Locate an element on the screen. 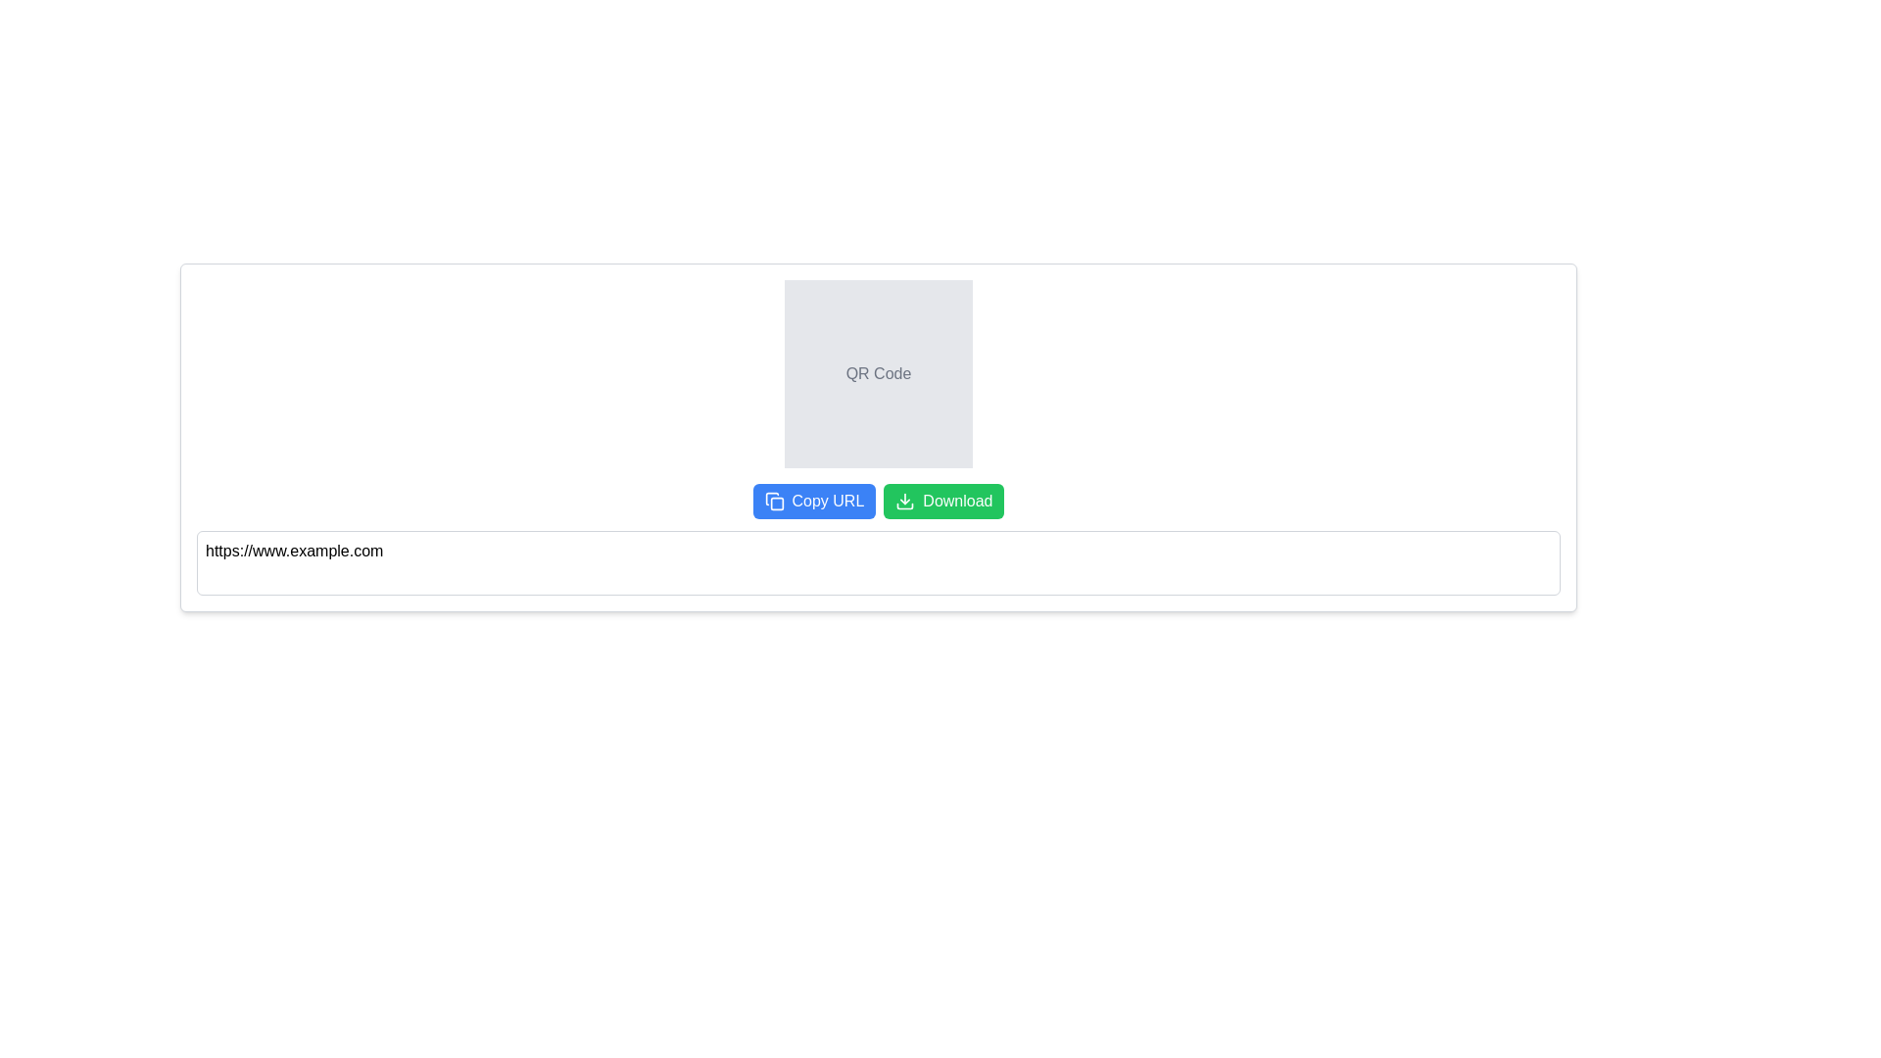  the download button located to the right of the 'Copy URL' button is located at coordinates (943, 501).